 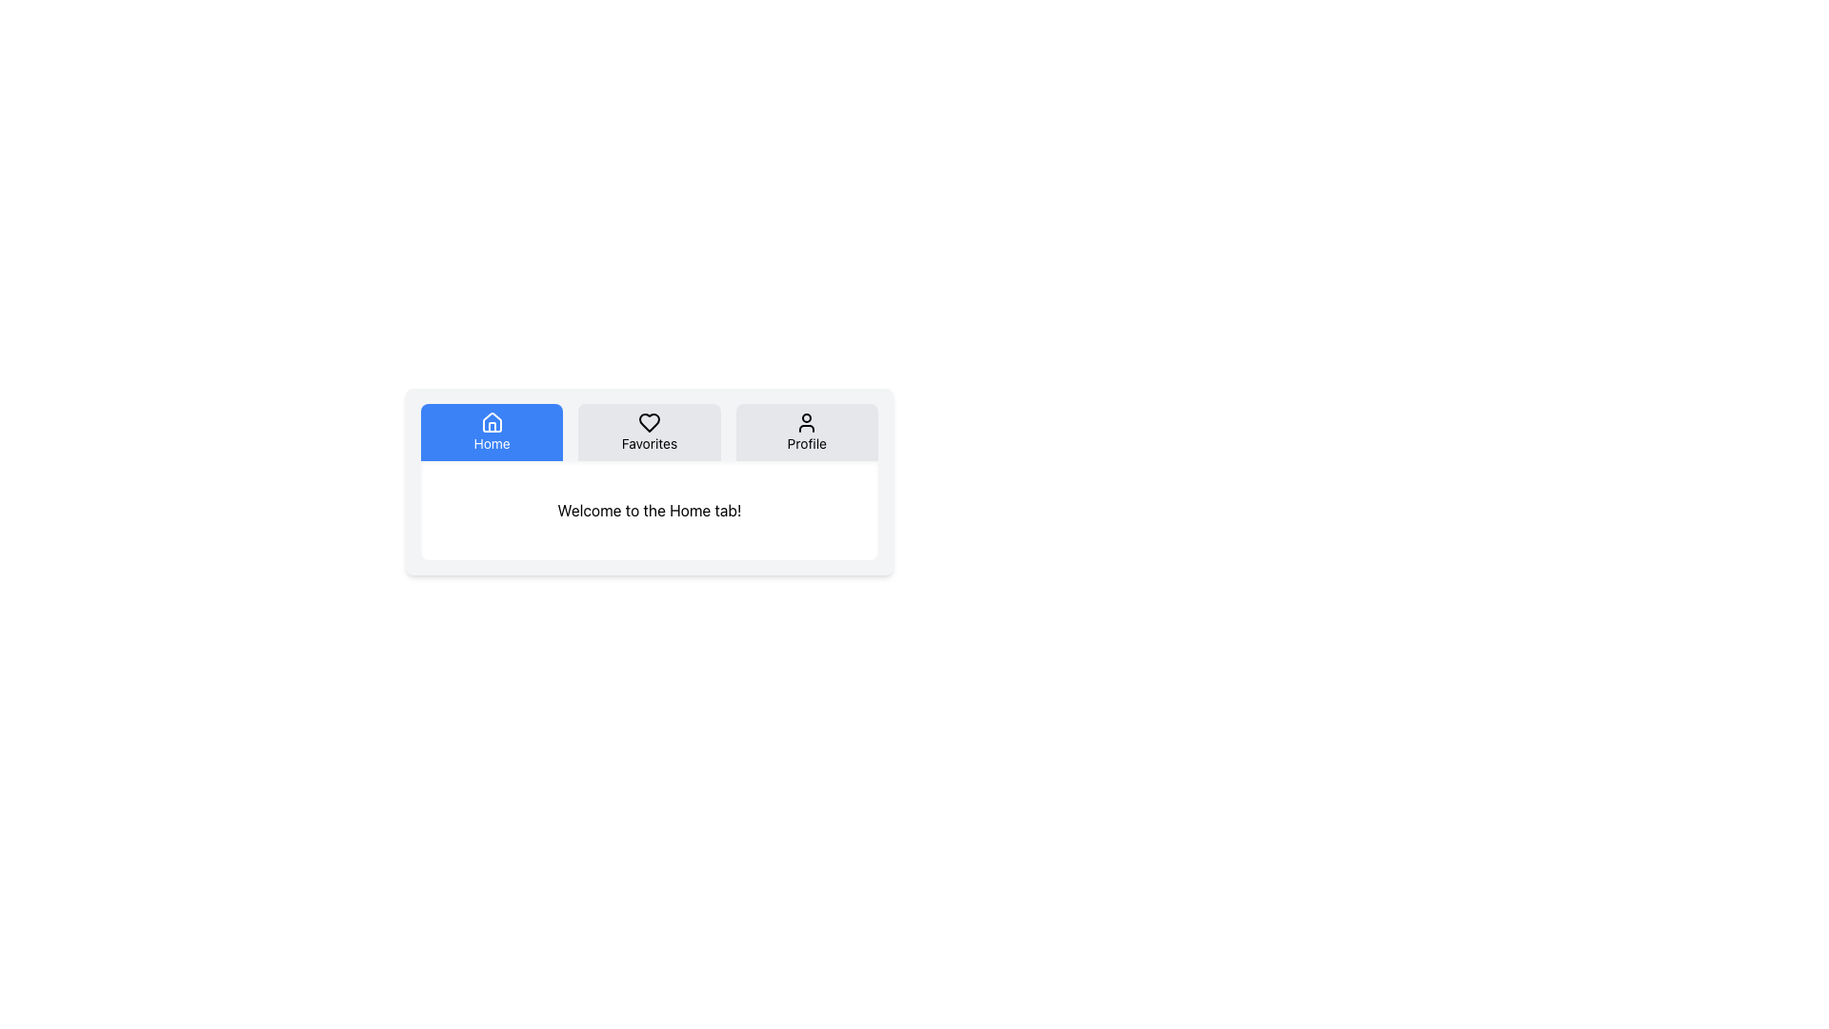 I want to click on the rightmost 'Profile' icon in the horizontal navigation bar, so click(x=806, y=421).